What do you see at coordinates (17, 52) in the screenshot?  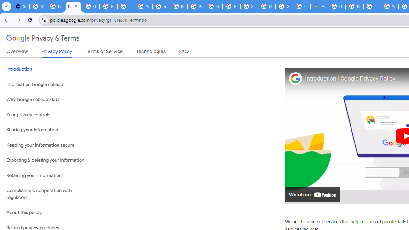 I see `'Overview'` at bounding box center [17, 52].